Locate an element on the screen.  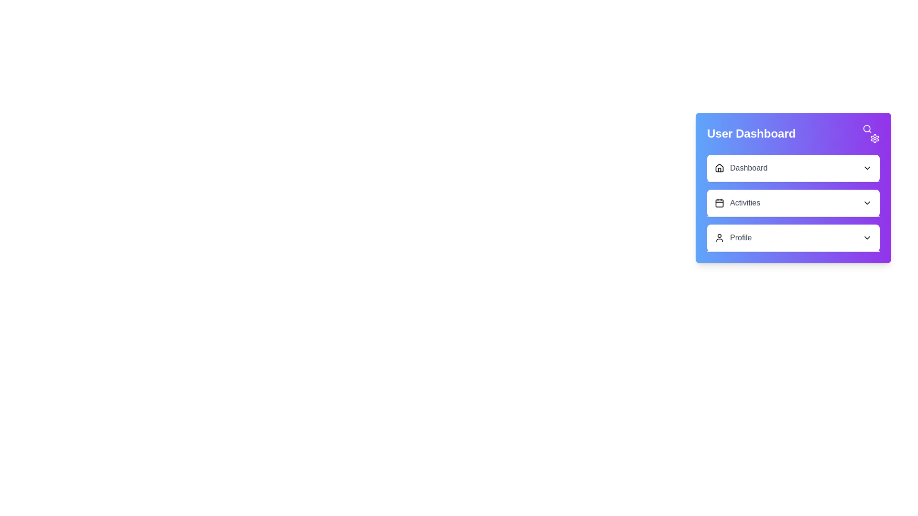
the small, downward-pointing chevron icon located at the extreme right of the 'Profile' segment within the 'User Dashboard' card is located at coordinates (867, 237).